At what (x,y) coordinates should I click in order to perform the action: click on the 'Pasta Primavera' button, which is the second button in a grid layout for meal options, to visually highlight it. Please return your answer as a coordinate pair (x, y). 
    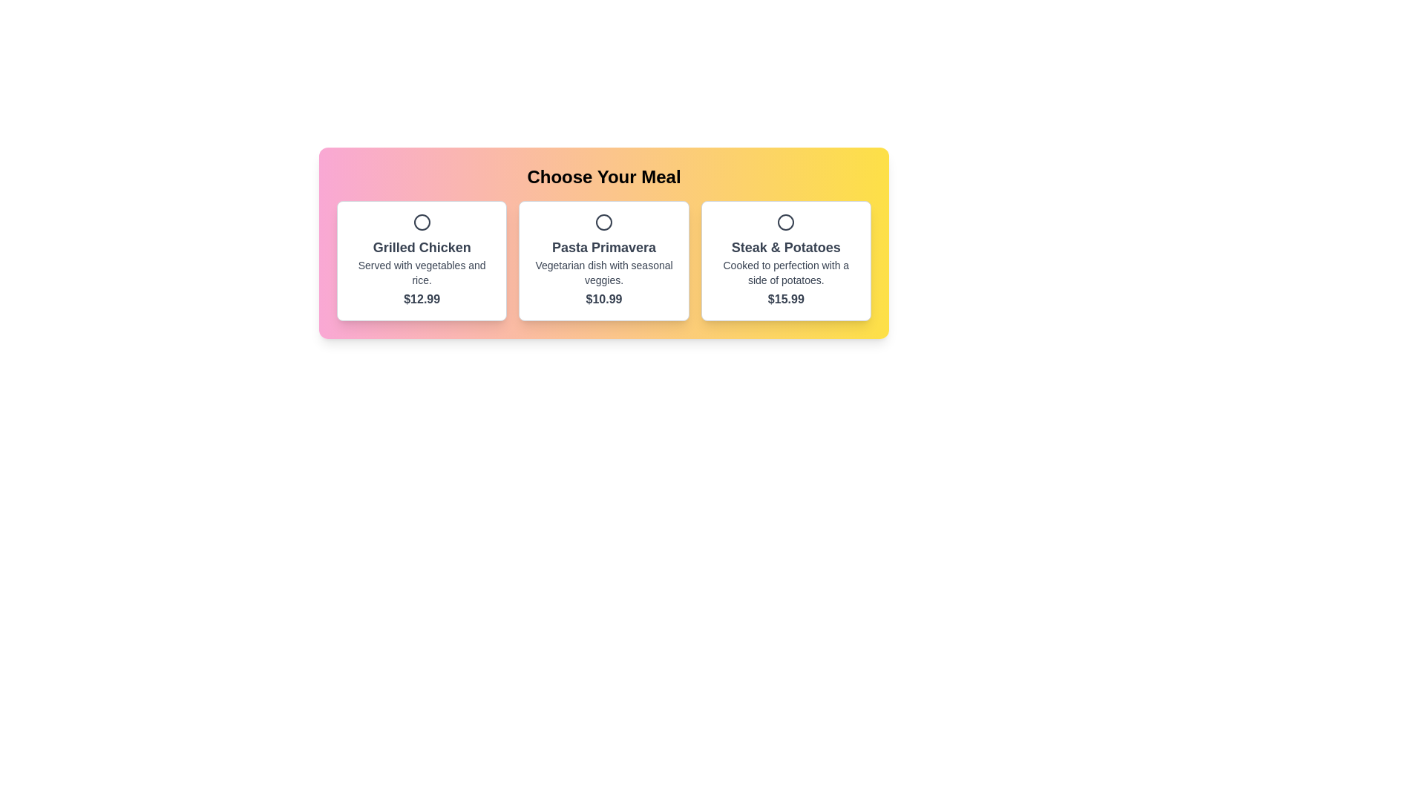
    Looking at the image, I should click on (604, 260).